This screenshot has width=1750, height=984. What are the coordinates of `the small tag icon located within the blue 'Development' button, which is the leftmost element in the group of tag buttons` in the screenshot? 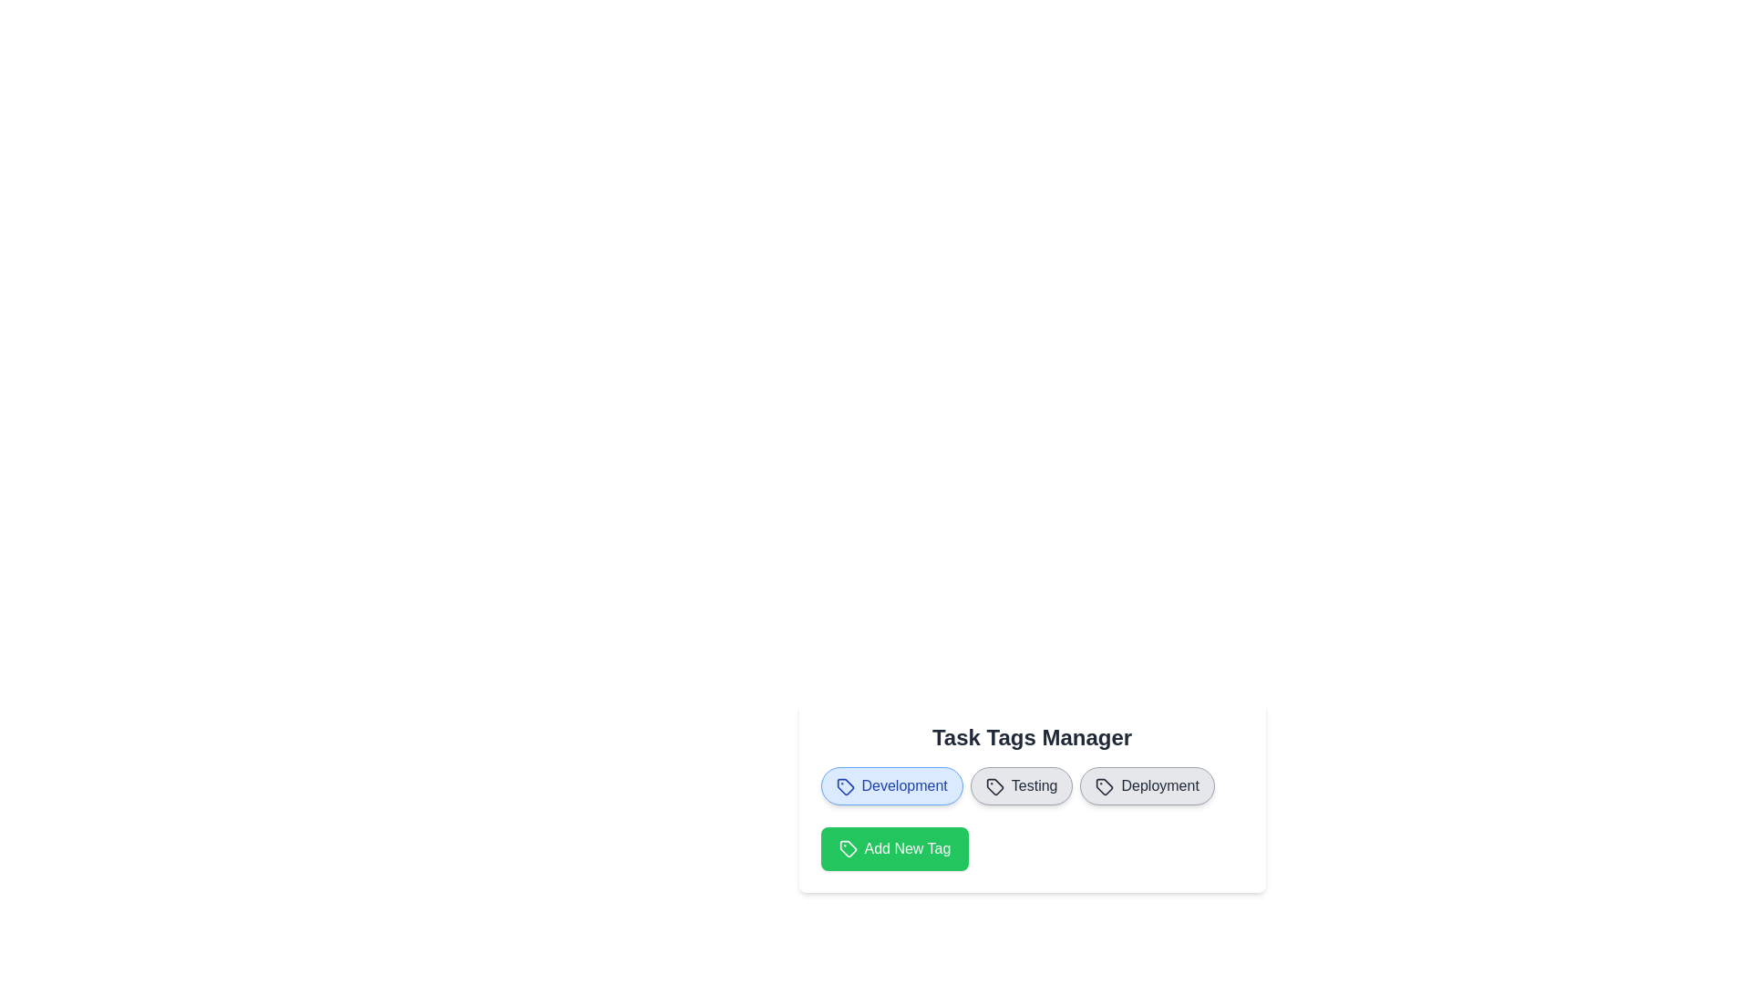 It's located at (844, 785).